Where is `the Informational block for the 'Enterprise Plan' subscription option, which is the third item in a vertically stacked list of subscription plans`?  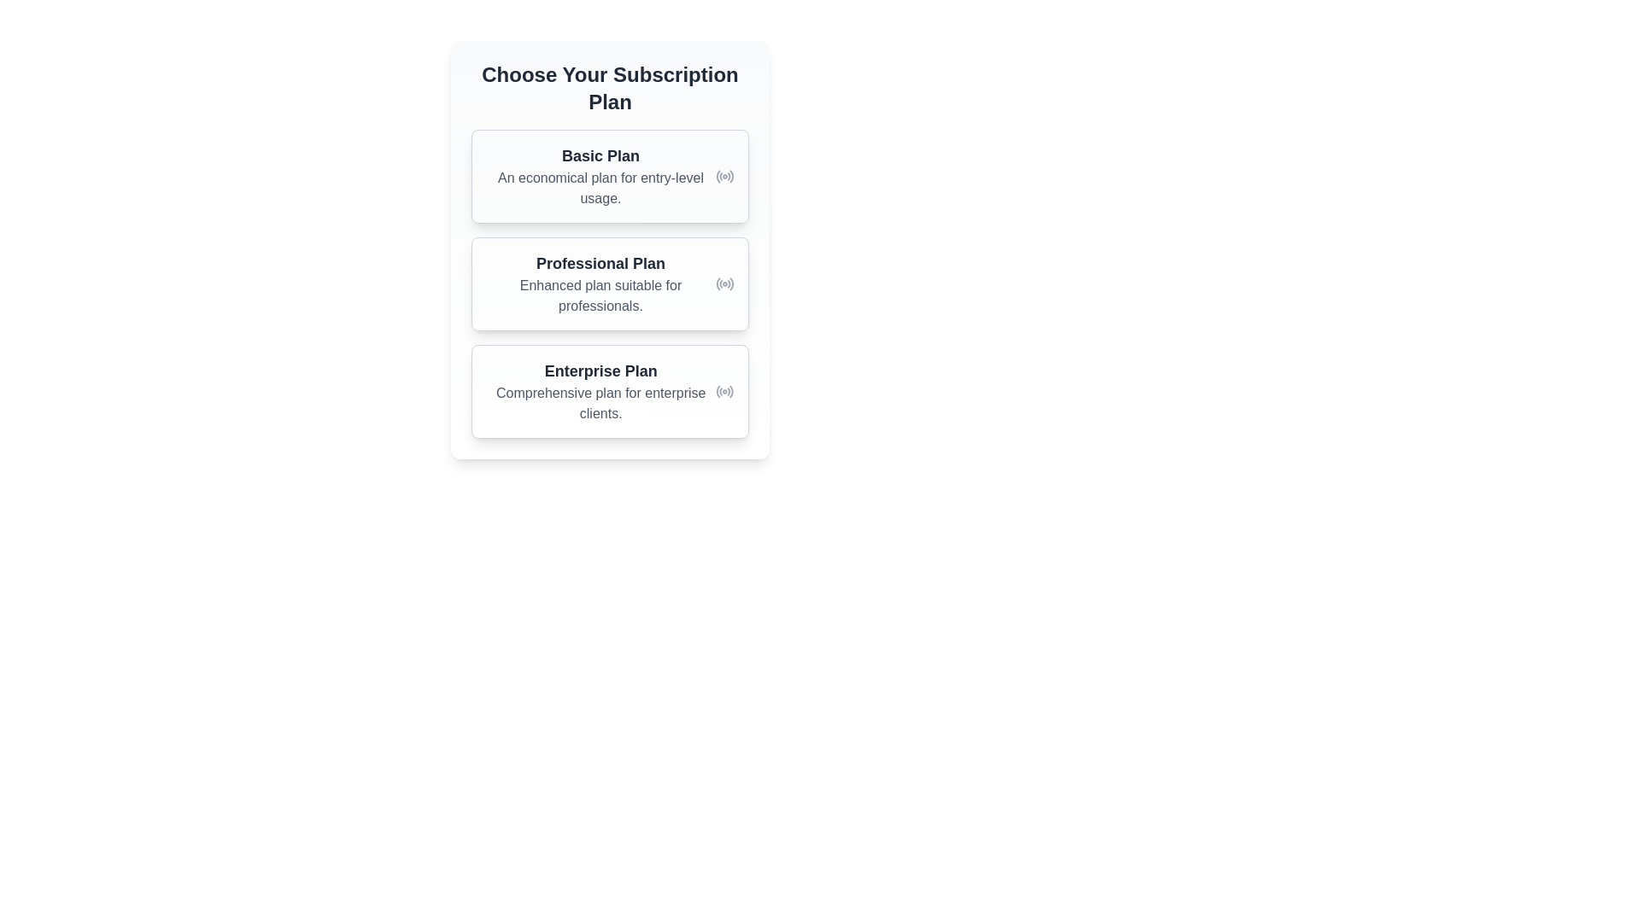
the Informational block for the 'Enterprise Plan' subscription option, which is the third item in a vertically stacked list of subscription plans is located at coordinates (600, 392).